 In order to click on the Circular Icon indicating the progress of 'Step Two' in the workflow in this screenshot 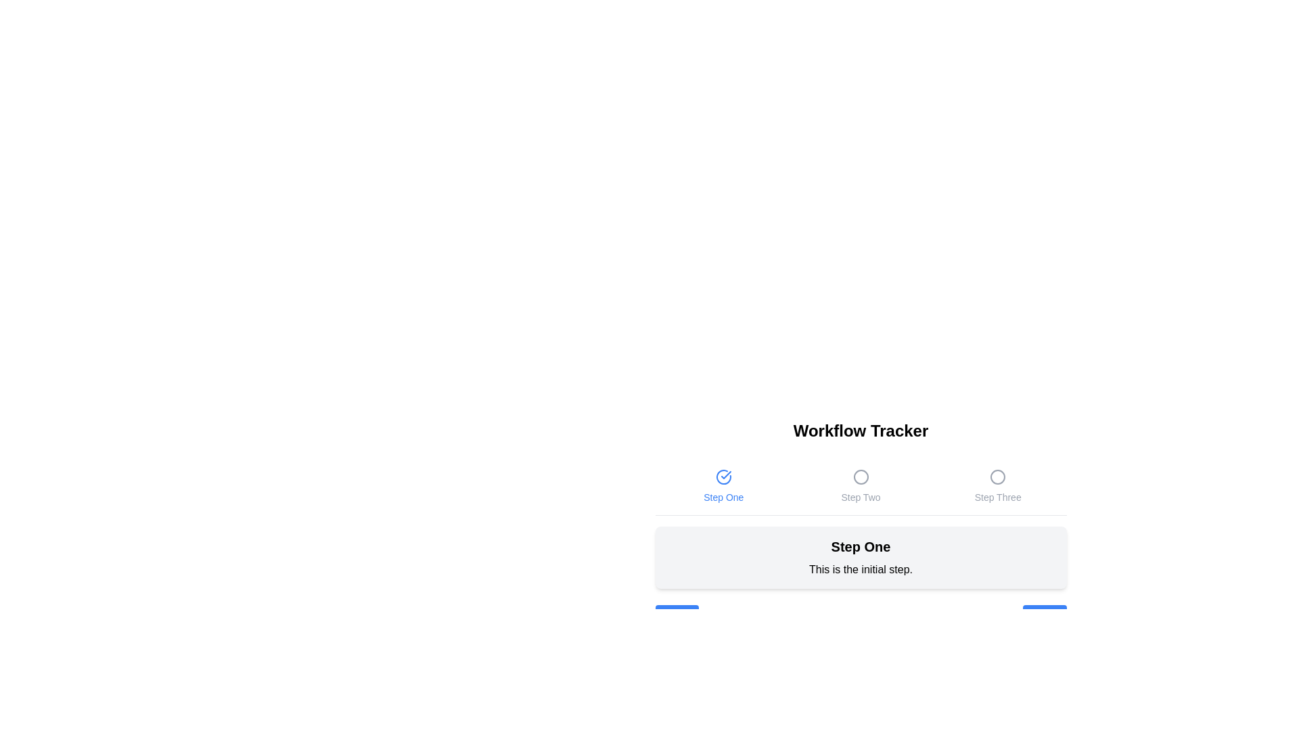, I will do `click(860, 477)`.